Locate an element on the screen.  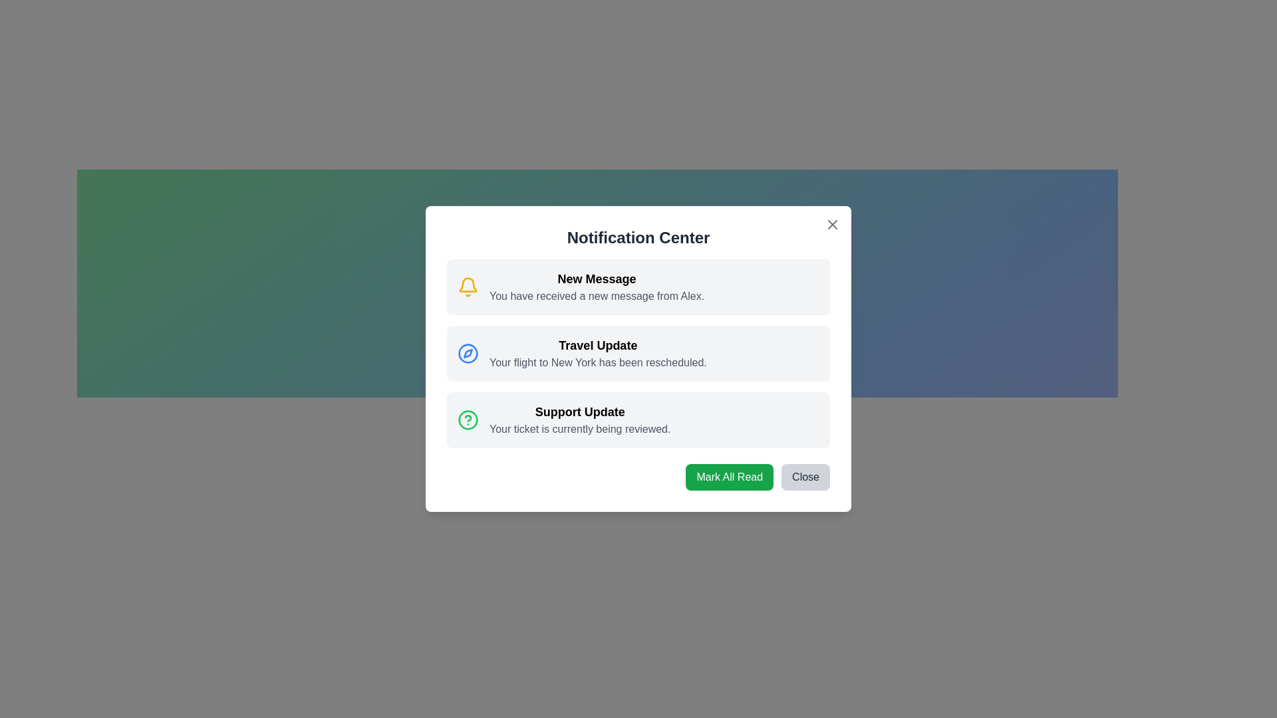
the 'Mark All as Read' button located at the bottom-right corner of the notification panel is located at coordinates (729, 476).